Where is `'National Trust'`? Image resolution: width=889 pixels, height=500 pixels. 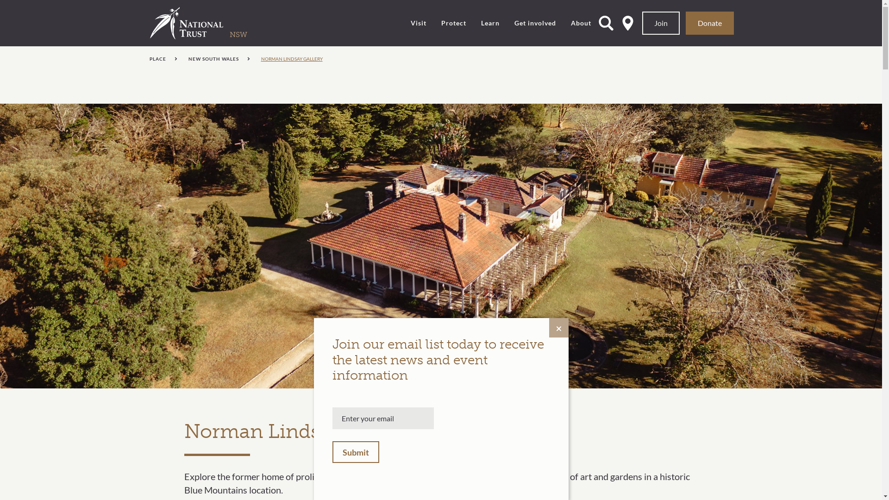
'National Trust' is located at coordinates (150, 23).